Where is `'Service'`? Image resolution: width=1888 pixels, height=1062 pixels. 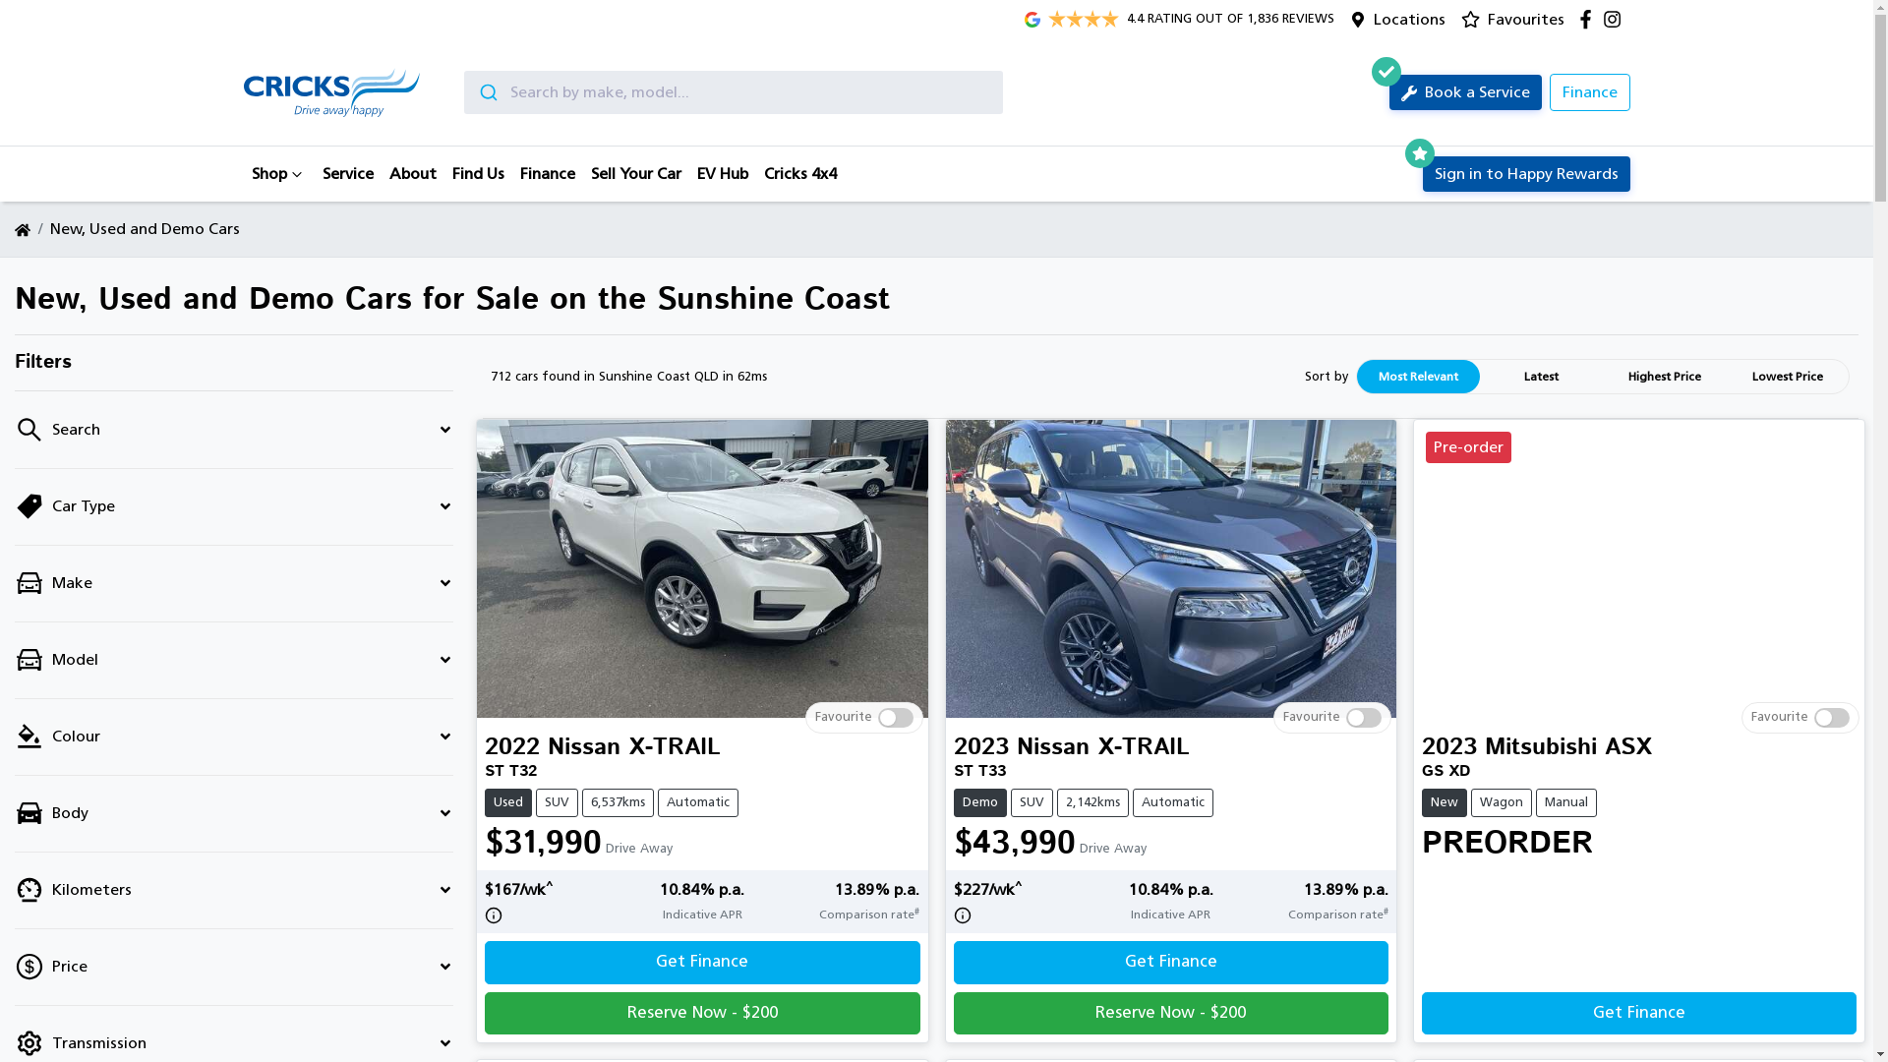
'Service' is located at coordinates (315, 173).